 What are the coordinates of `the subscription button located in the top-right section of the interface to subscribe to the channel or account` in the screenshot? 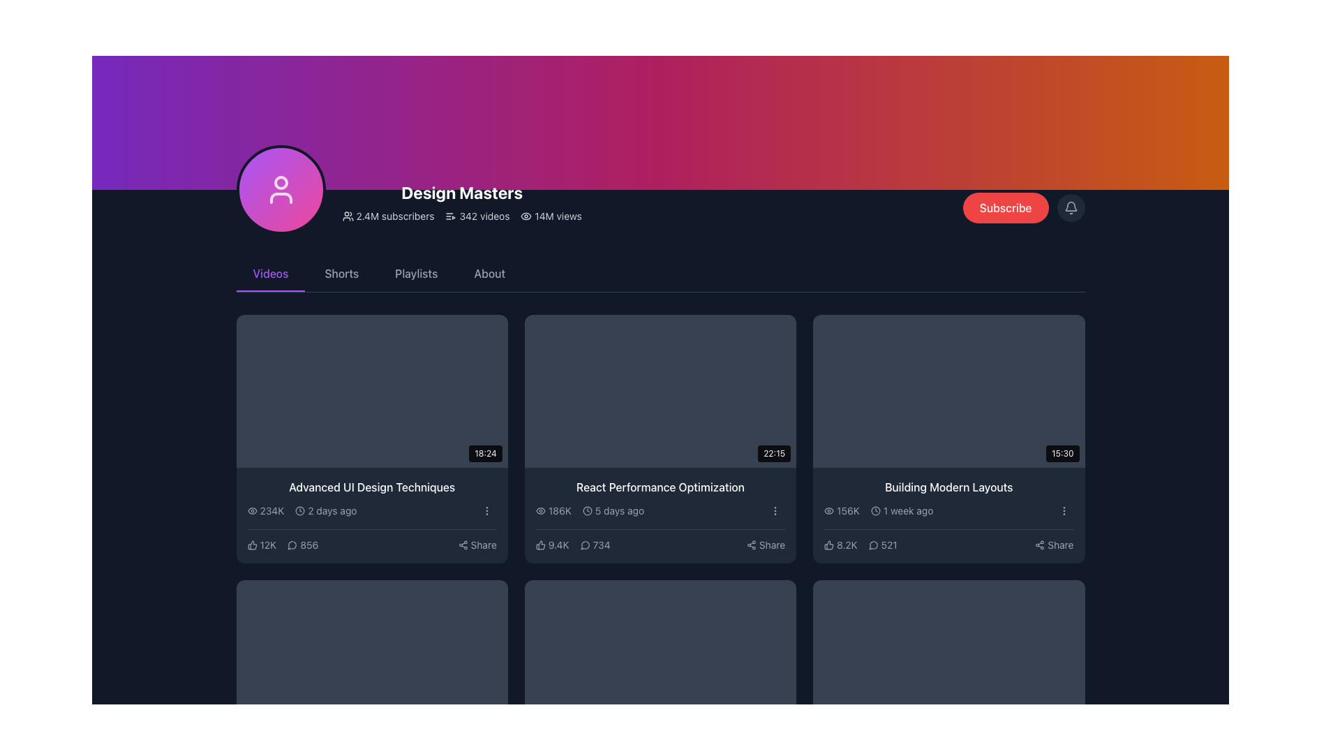 It's located at (1024, 207).